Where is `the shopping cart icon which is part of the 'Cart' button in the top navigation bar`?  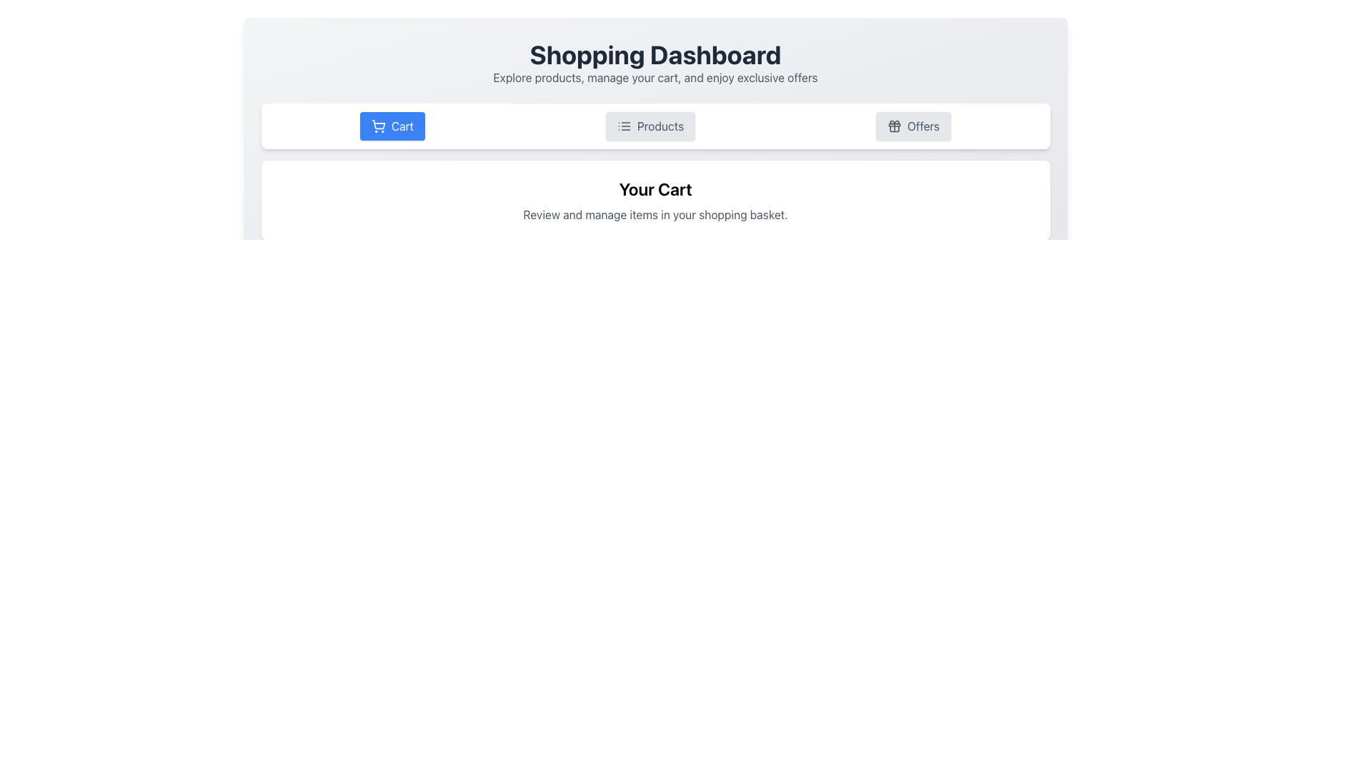
the shopping cart icon which is part of the 'Cart' button in the top navigation bar is located at coordinates (378, 126).